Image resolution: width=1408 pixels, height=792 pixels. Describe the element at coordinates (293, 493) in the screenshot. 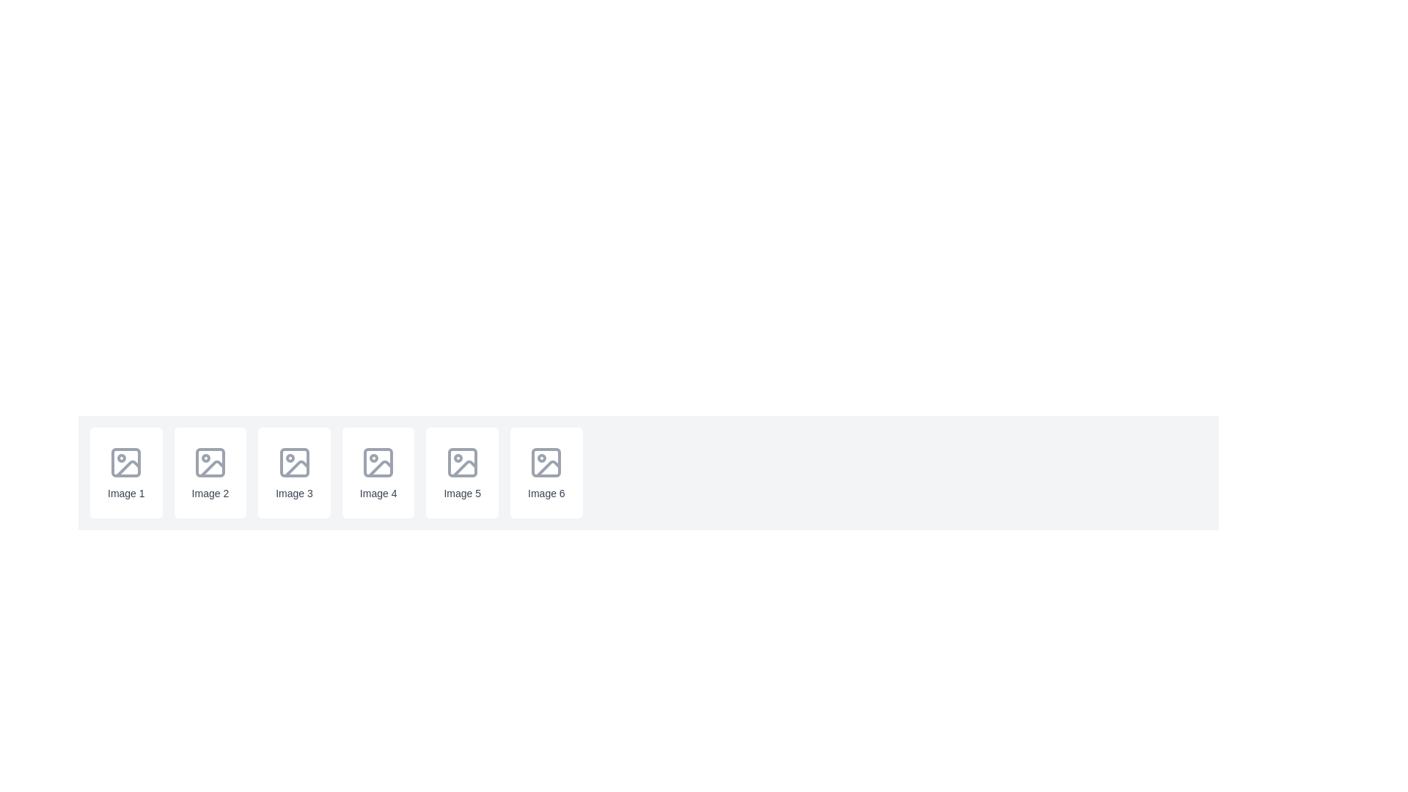

I see `the descriptive label for 'Image 3'` at that location.